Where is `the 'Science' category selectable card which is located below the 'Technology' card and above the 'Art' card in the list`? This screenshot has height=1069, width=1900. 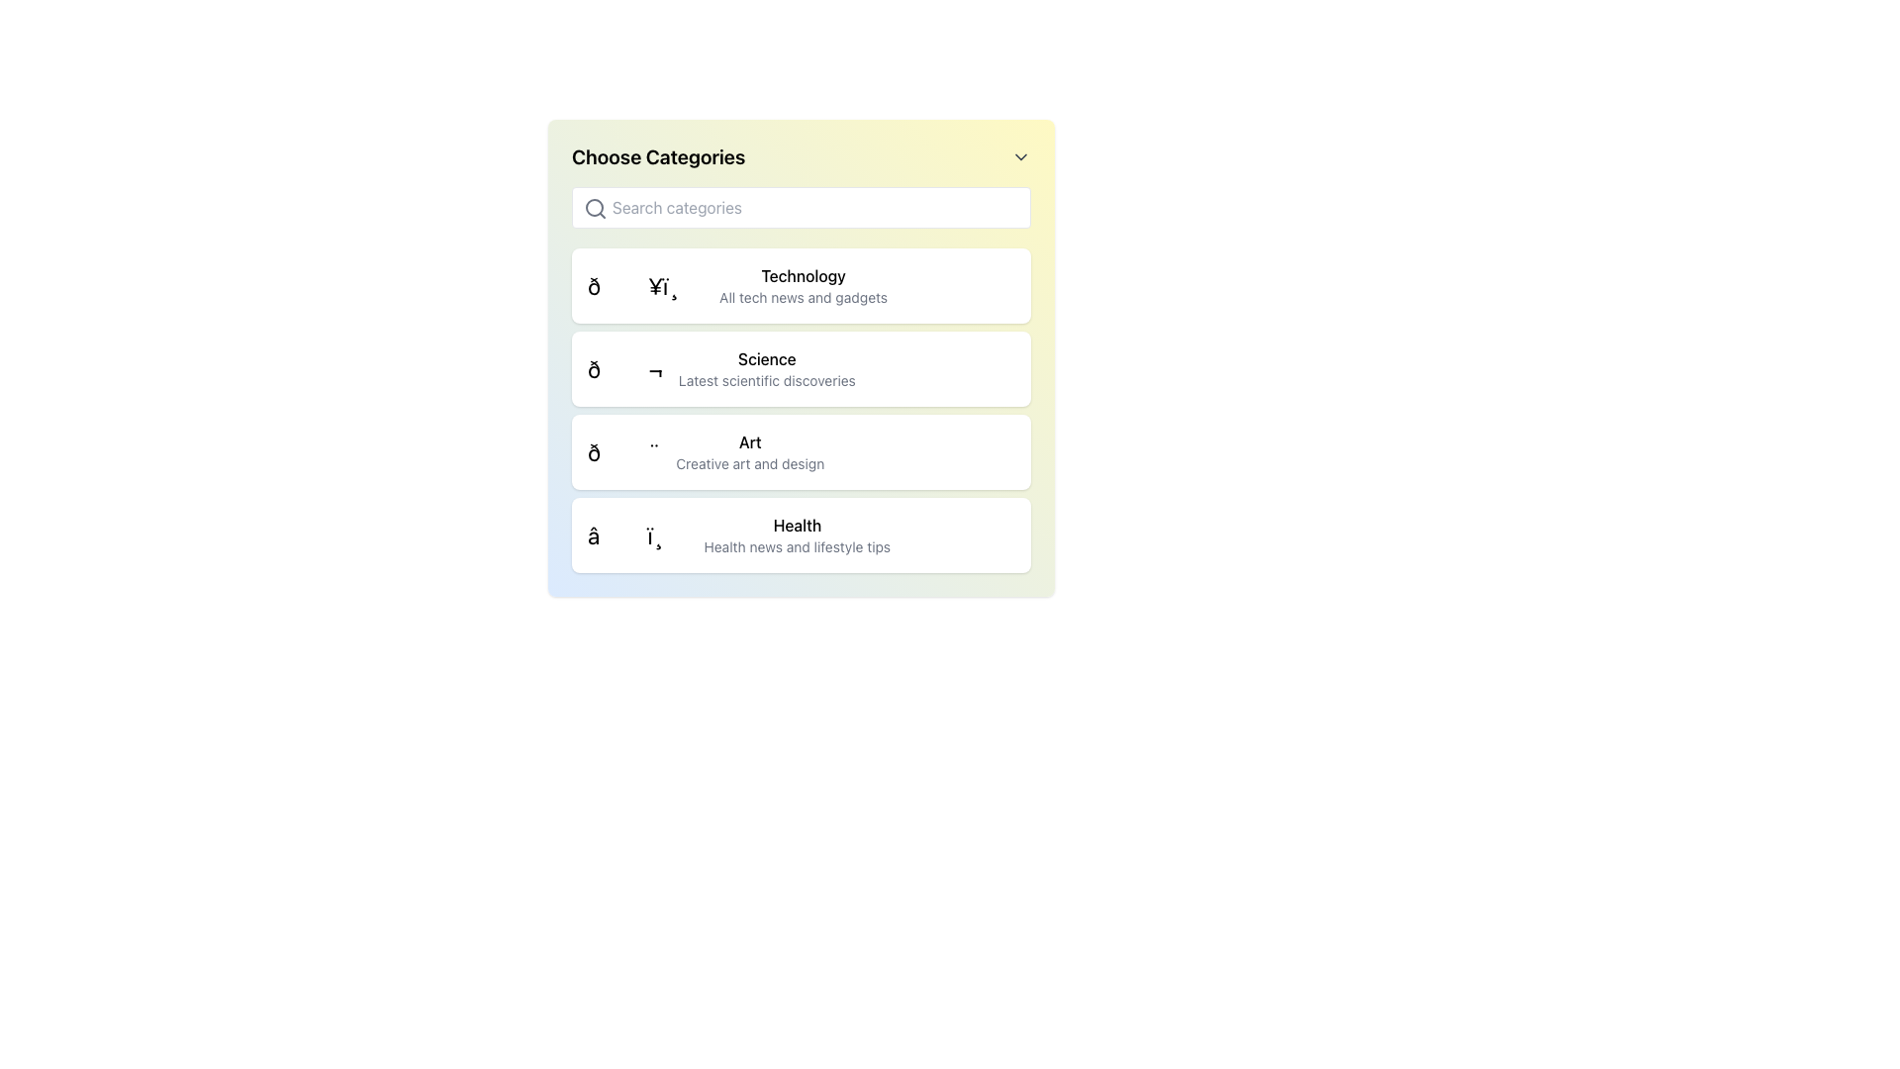 the 'Science' category selectable card which is located below the 'Technology' card and above the 'Art' card in the list is located at coordinates (802, 358).